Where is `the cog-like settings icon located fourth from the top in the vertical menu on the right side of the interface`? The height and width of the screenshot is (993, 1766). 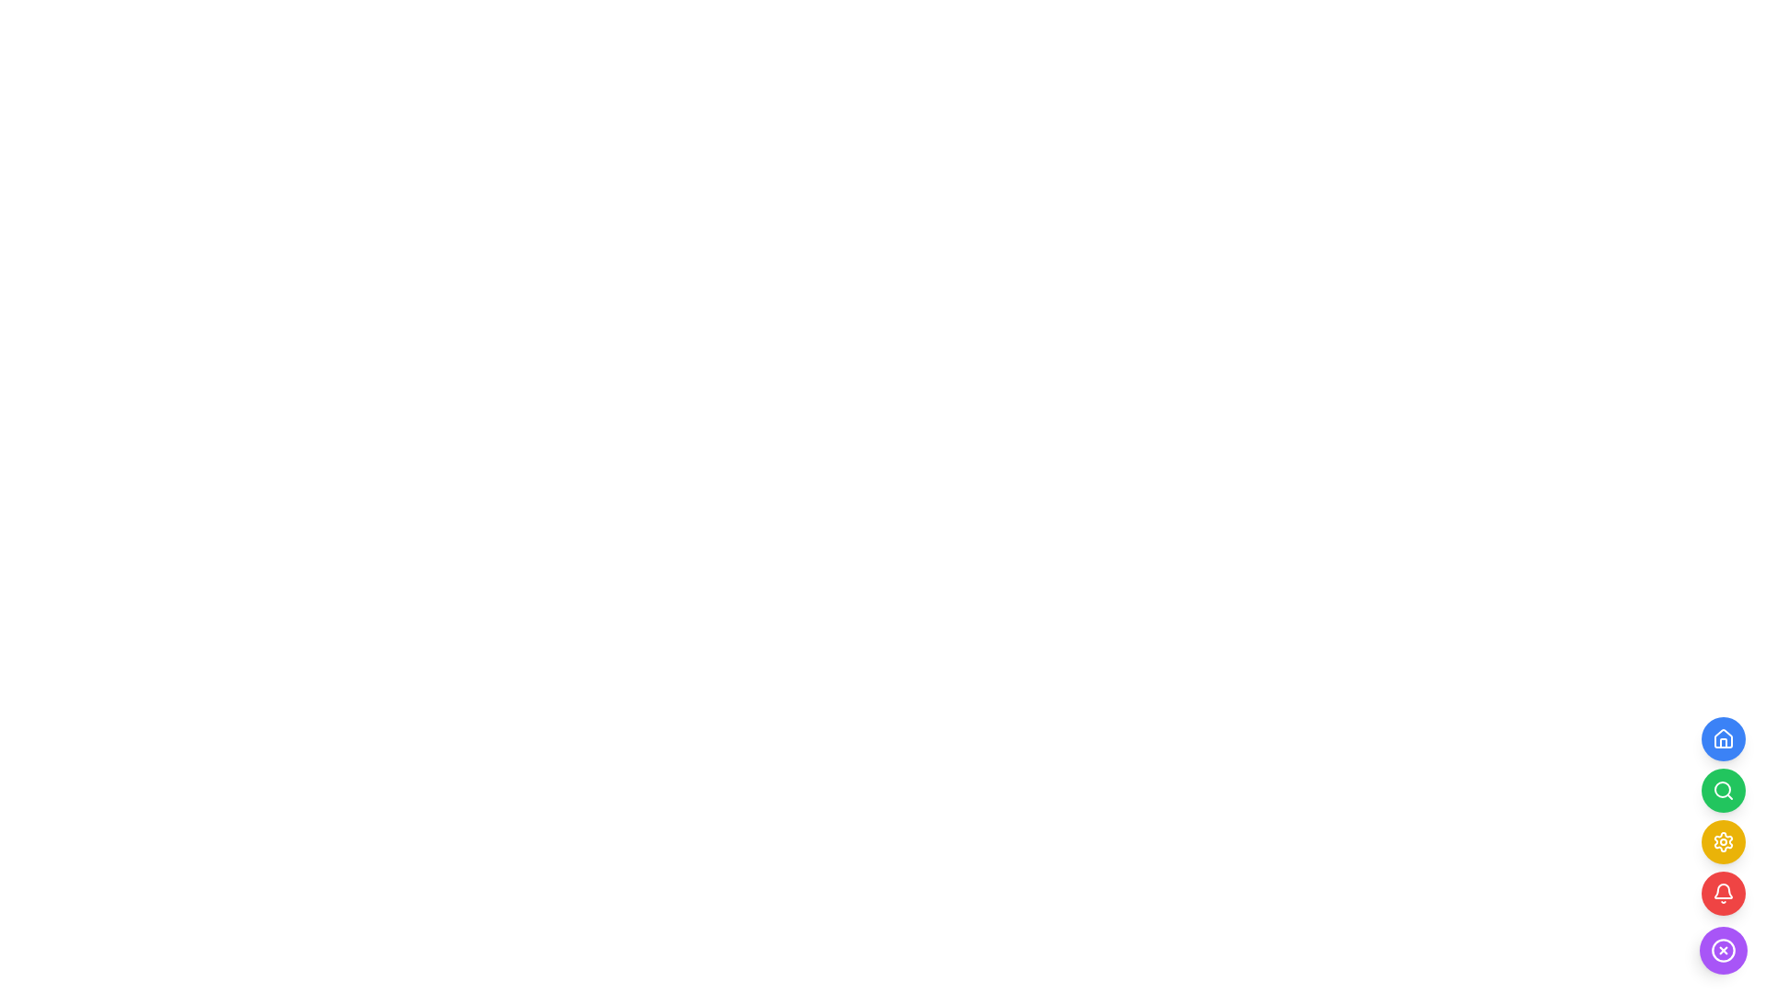 the cog-like settings icon located fourth from the top in the vertical menu on the right side of the interface is located at coordinates (1722, 841).